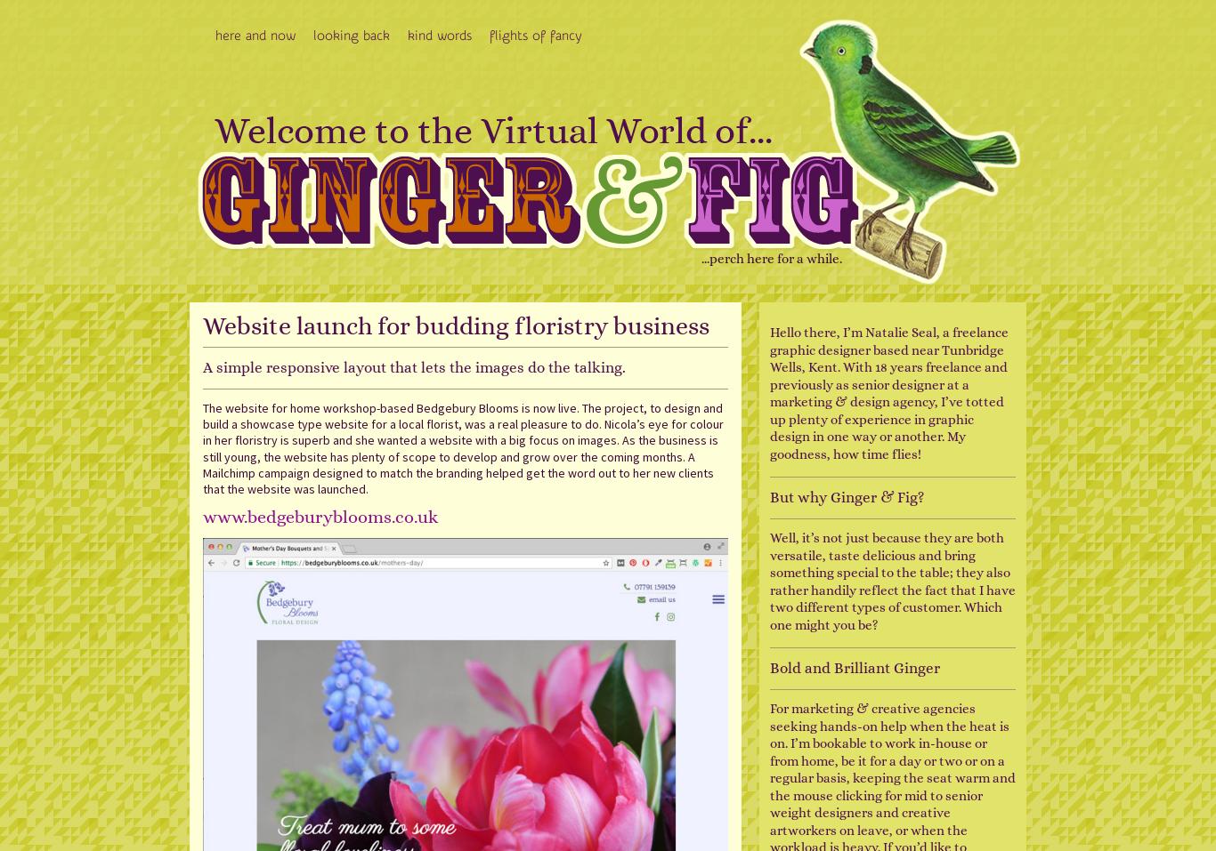 This screenshot has width=1216, height=851. What do you see at coordinates (319, 516) in the screenshot?
I see `'www.bedgeburyblooms.co.uk'` at bounding box center [319, 516].